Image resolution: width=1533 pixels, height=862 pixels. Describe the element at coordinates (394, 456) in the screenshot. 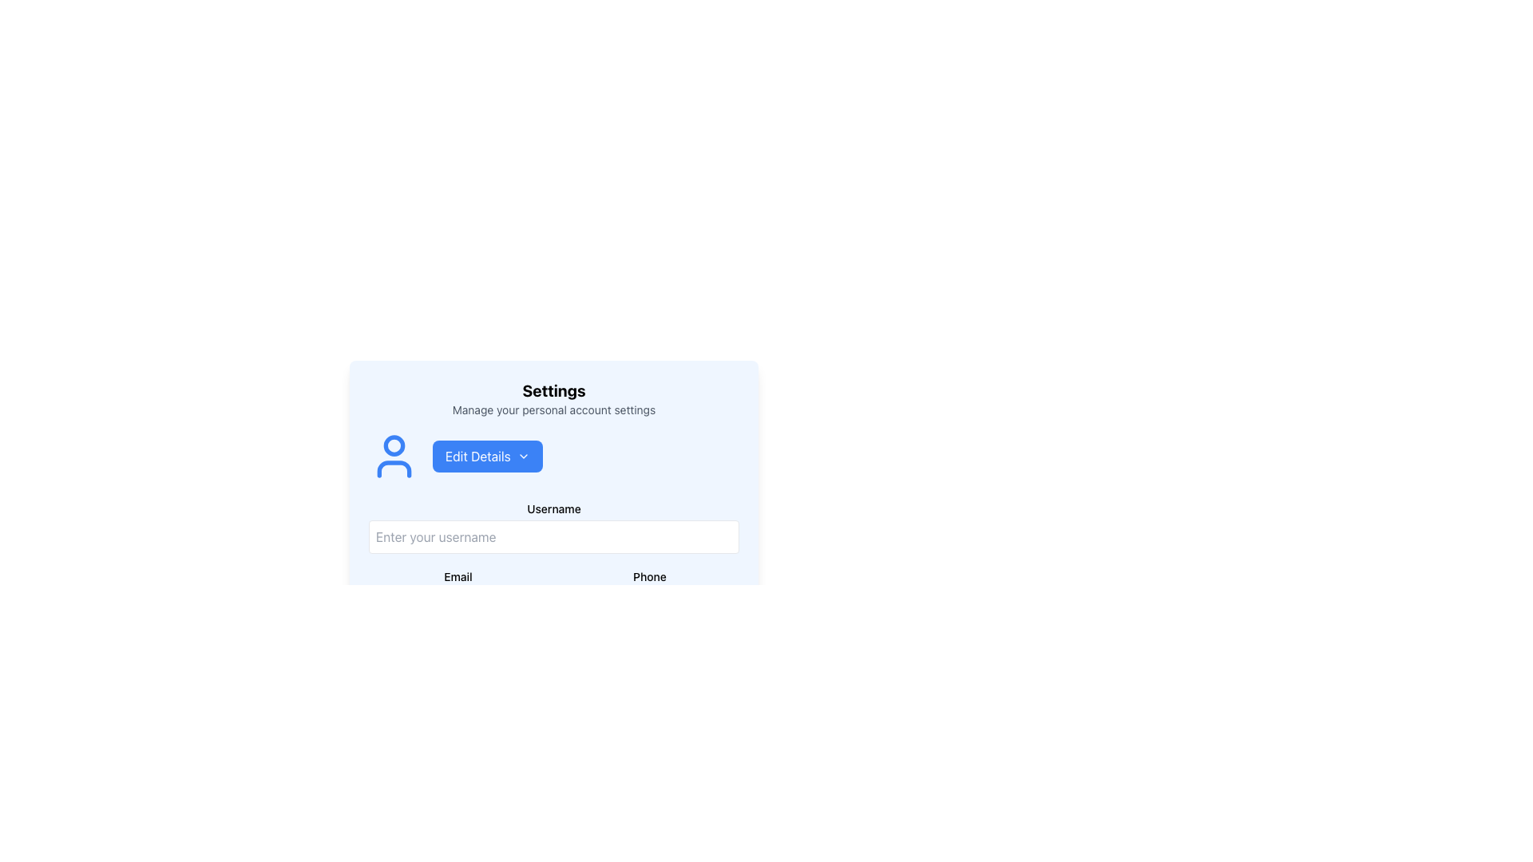

I see `the profile representation icon located to the left of the 'Edit Details' button and above the 'Username' text input box` at that location.